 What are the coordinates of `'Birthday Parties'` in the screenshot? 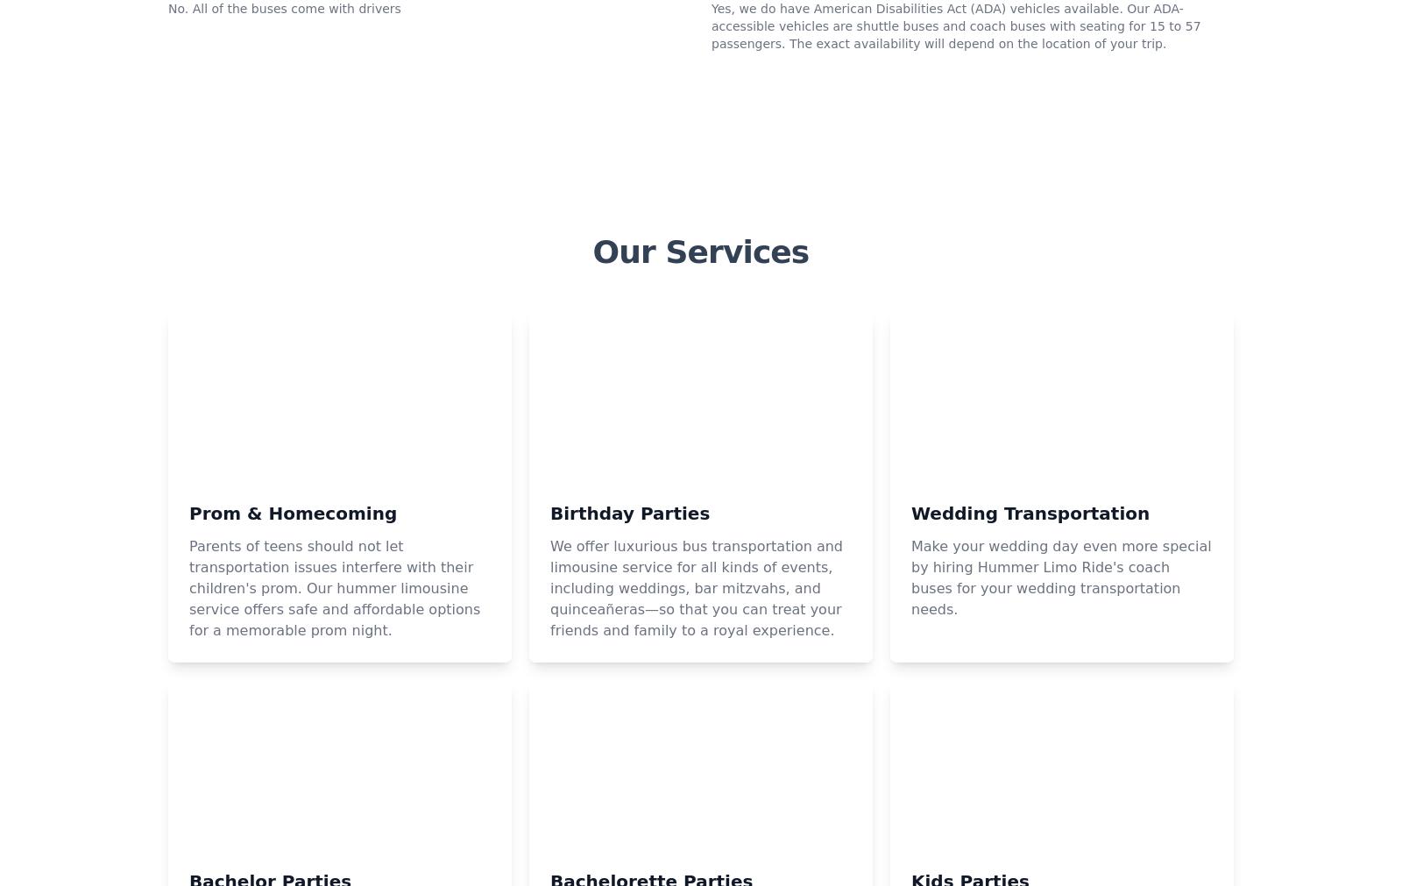 It's located at (630, 746).